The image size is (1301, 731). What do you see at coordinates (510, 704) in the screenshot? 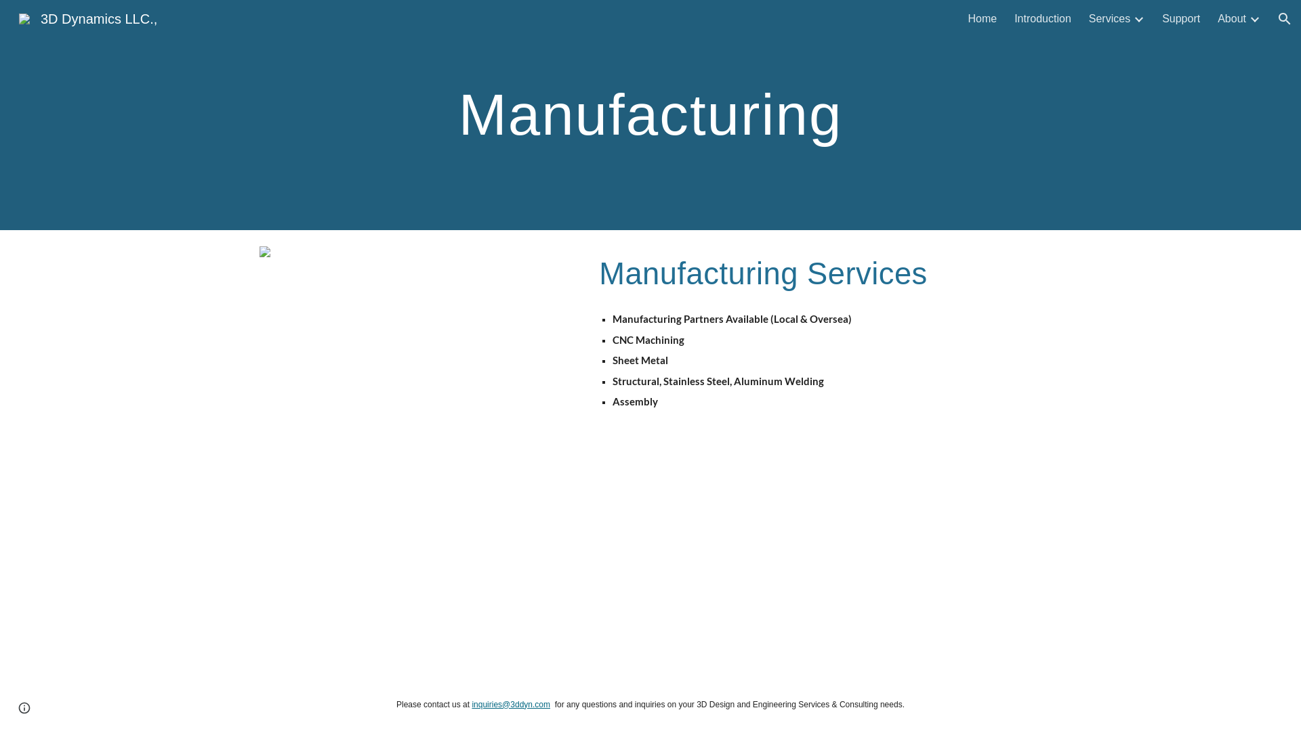
I see `'inquiries@3ddyn.com'` at bounding box center [510, 704].